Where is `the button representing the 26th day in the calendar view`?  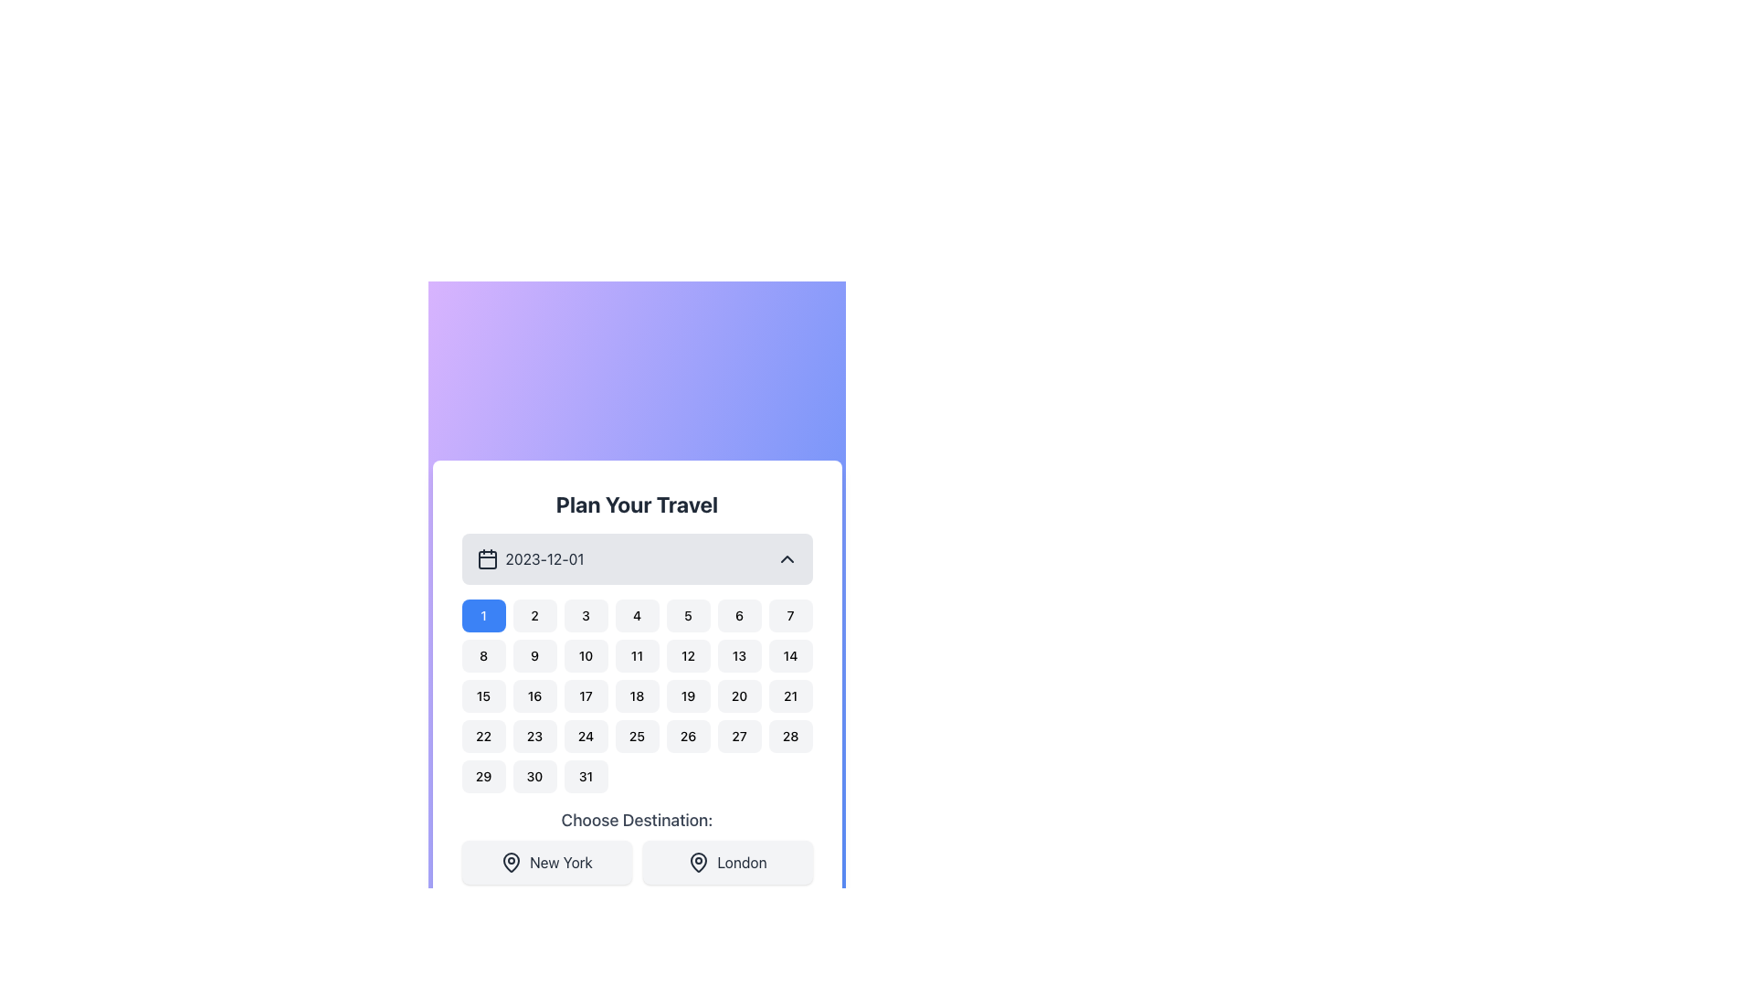 the button representing the 26th day in the calendar view is located at coordinates (687, 736).